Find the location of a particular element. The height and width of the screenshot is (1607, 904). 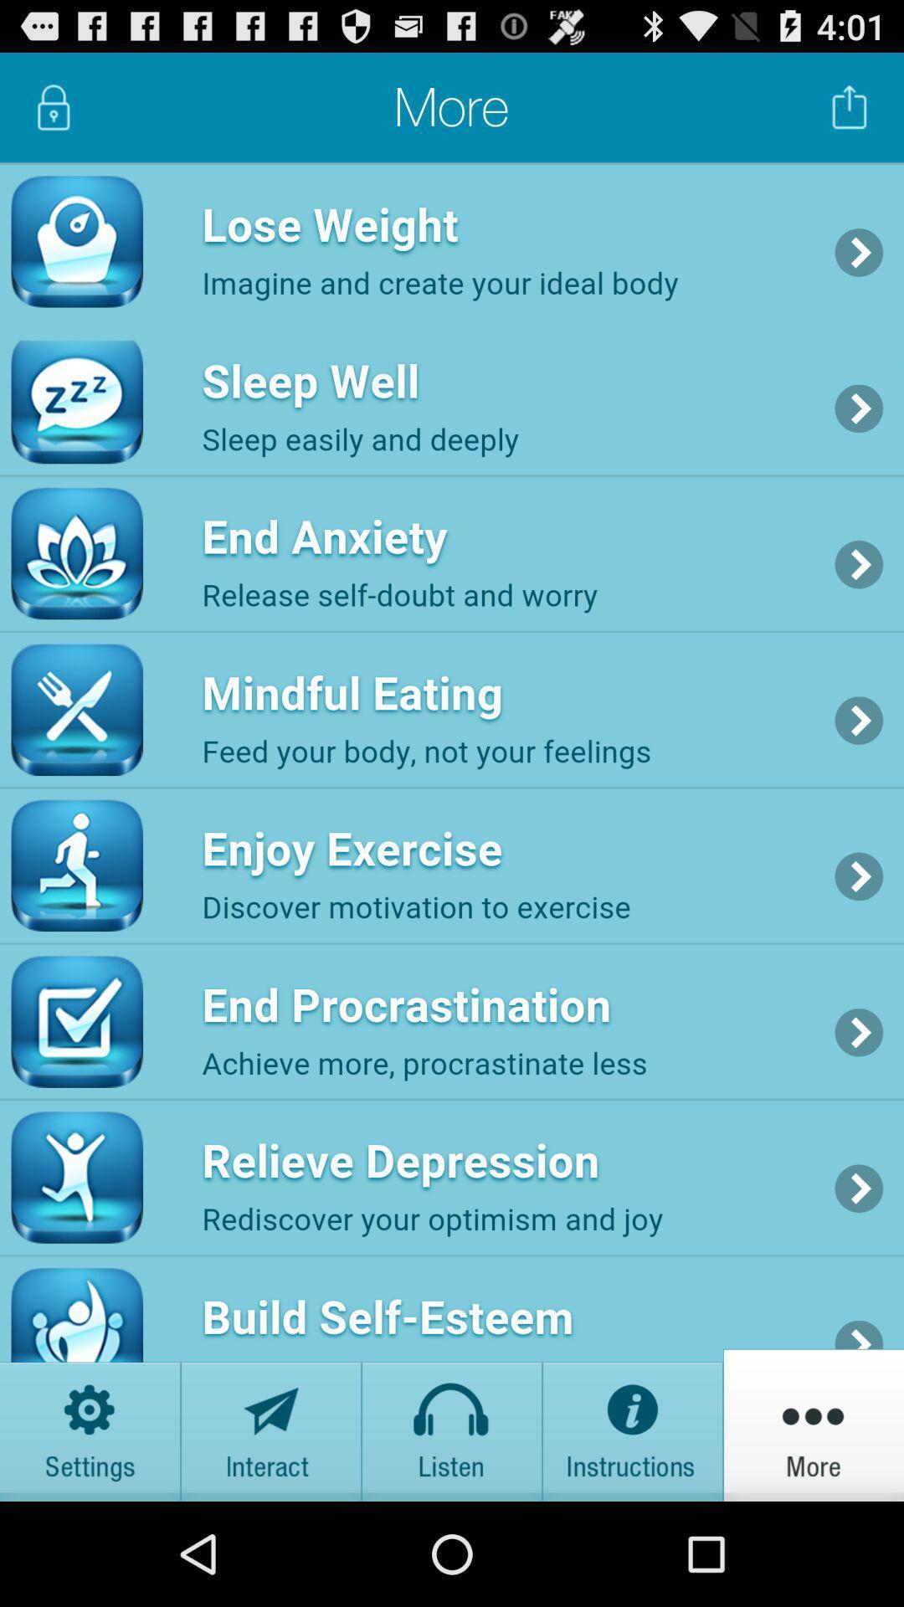

more is located at coordinates (813, 1424).